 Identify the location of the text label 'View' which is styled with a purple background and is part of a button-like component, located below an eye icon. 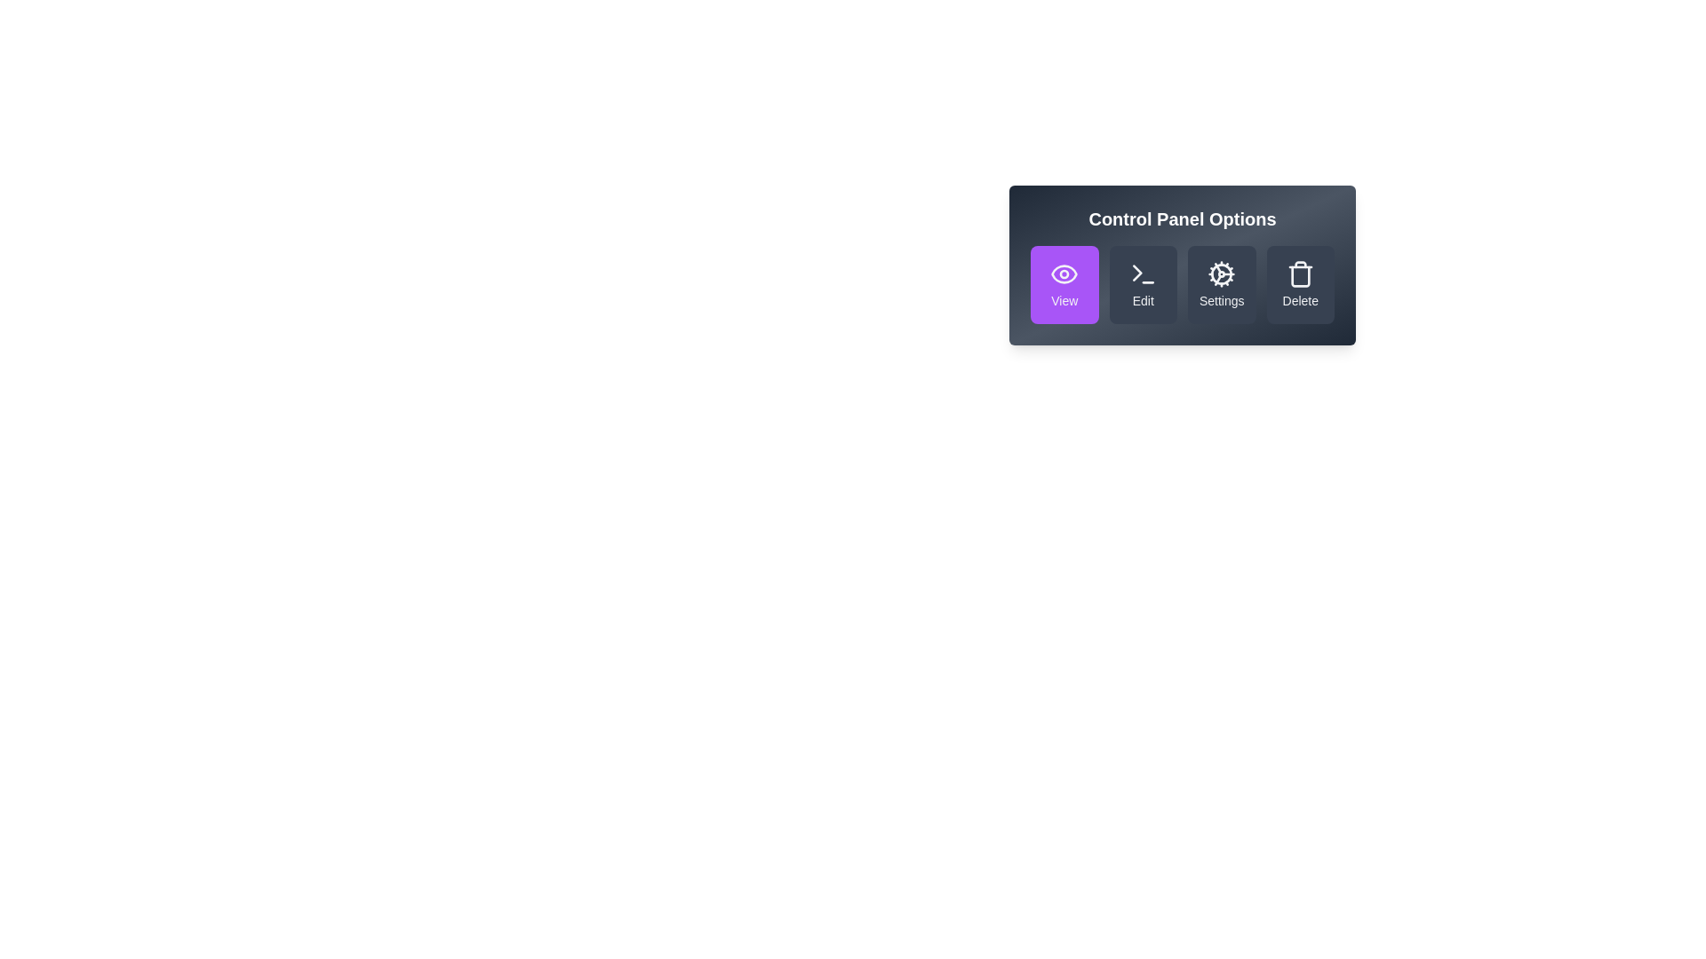
(1064, 300).